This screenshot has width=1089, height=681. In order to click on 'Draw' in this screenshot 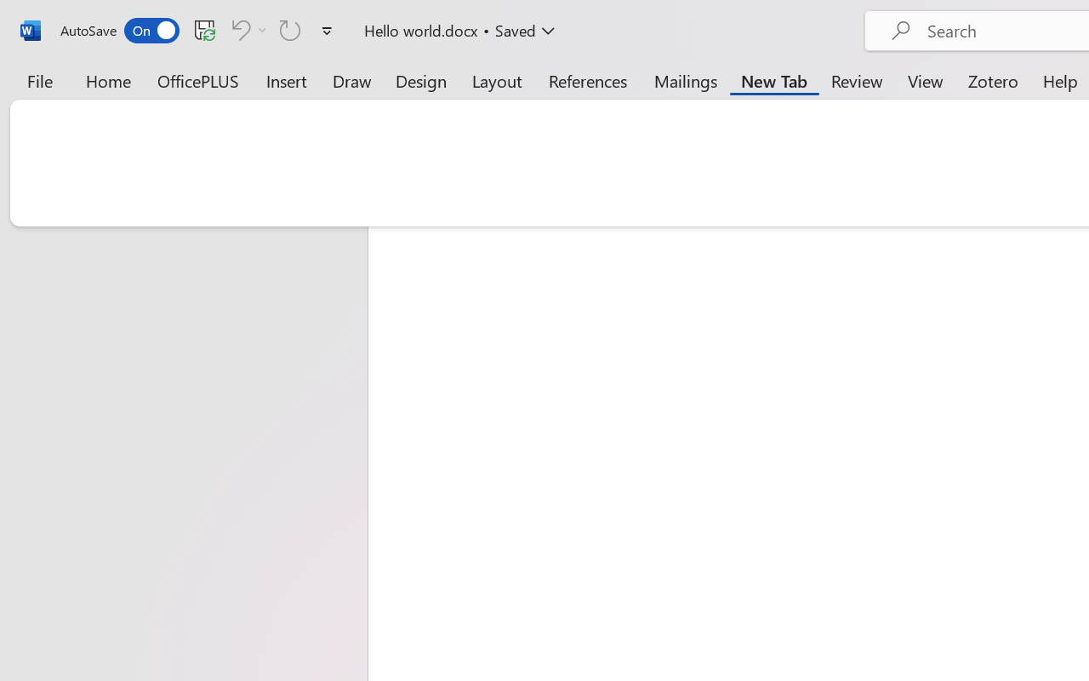, I will do `click(351, 80)`.